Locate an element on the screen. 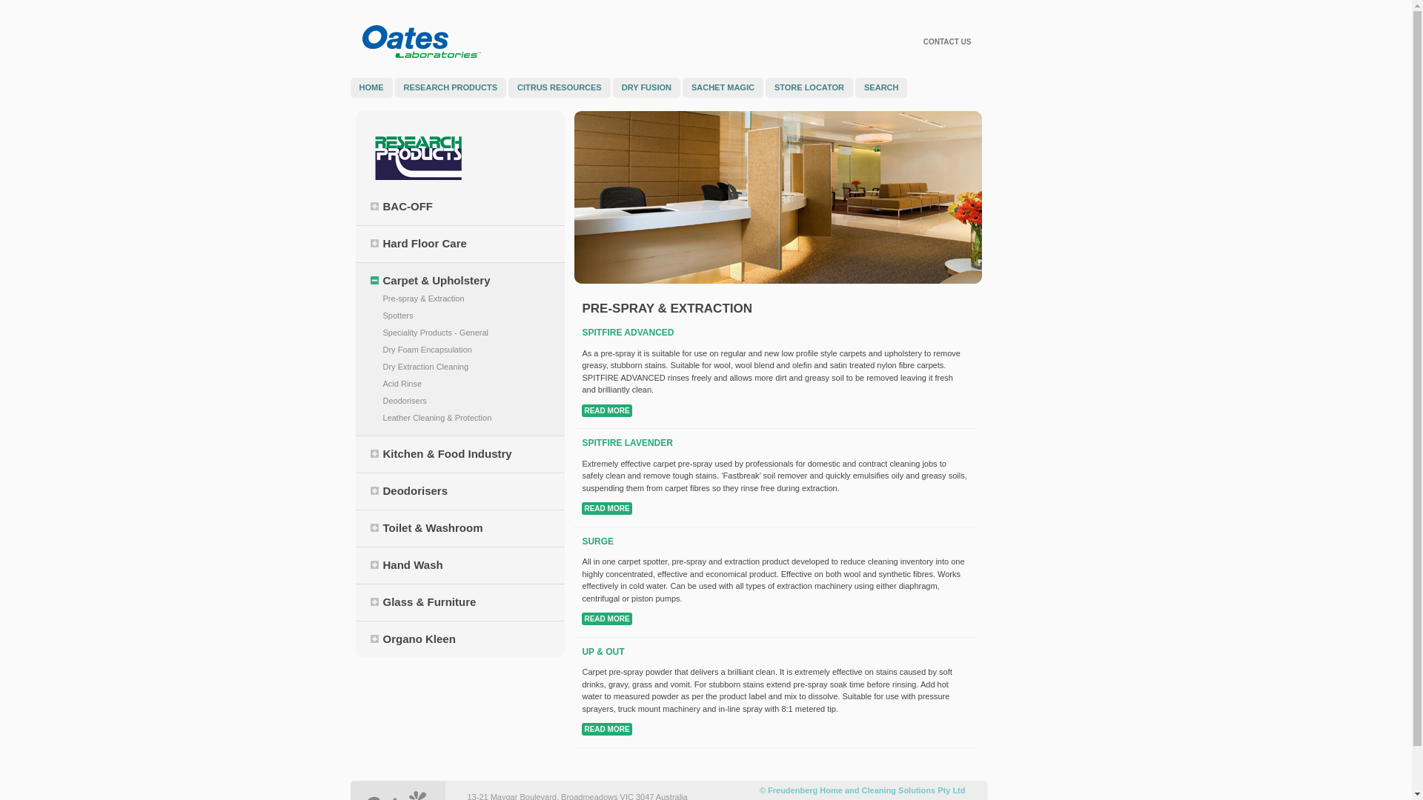 The height and width of the screenshot is (800, 1423). 'Organo Kleen' is located at coordinates (413, 638).